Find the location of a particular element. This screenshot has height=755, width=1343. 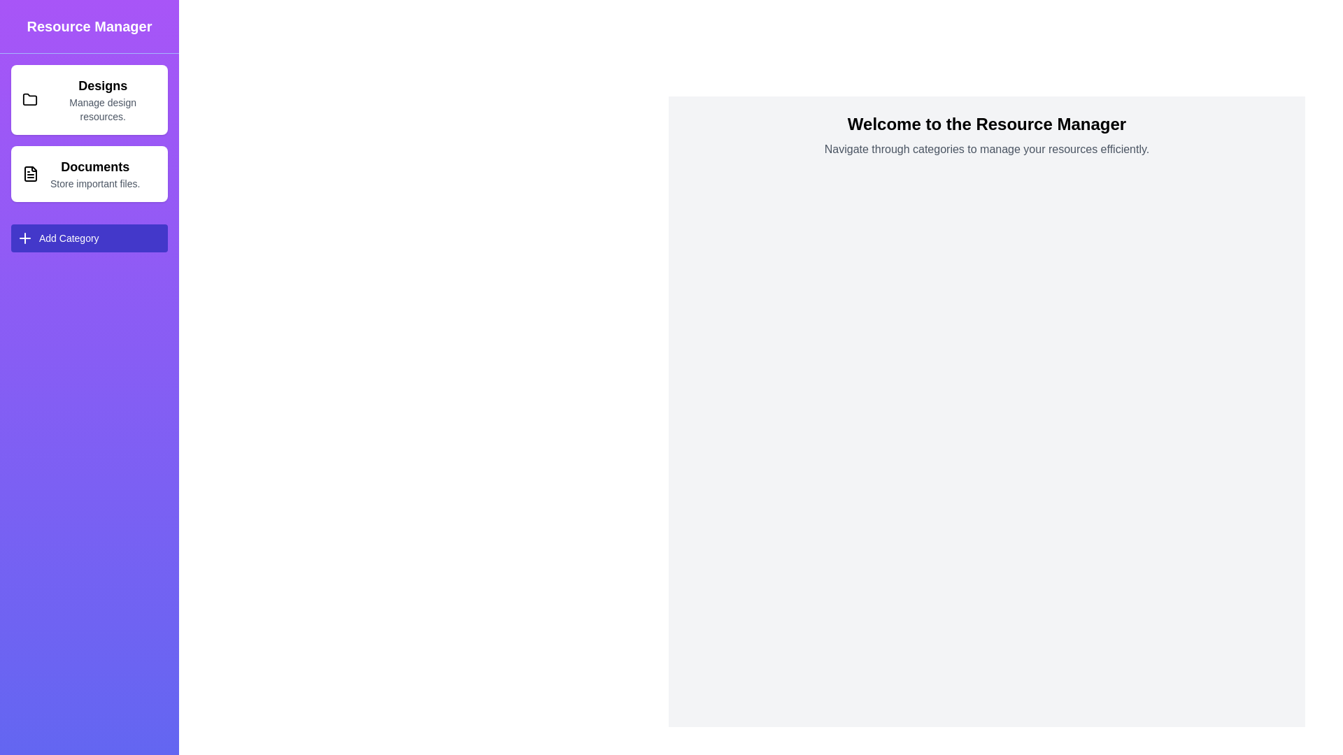

the 'Designs' category in the sidebar is located at coordinates (89, 99).